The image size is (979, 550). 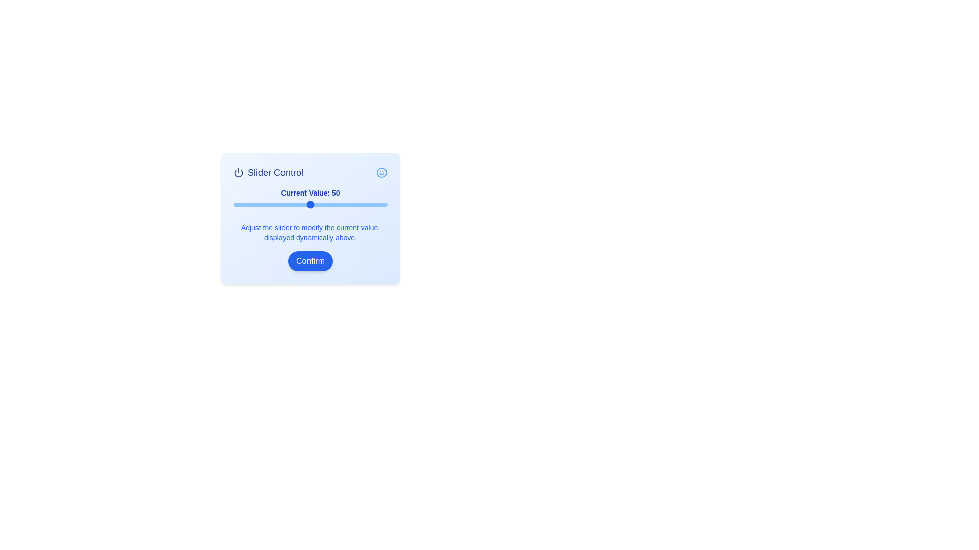 What do you see at coordinates (241, 204) in the screenshot?
I see `the slider's value` at bounding box center [241, 204].